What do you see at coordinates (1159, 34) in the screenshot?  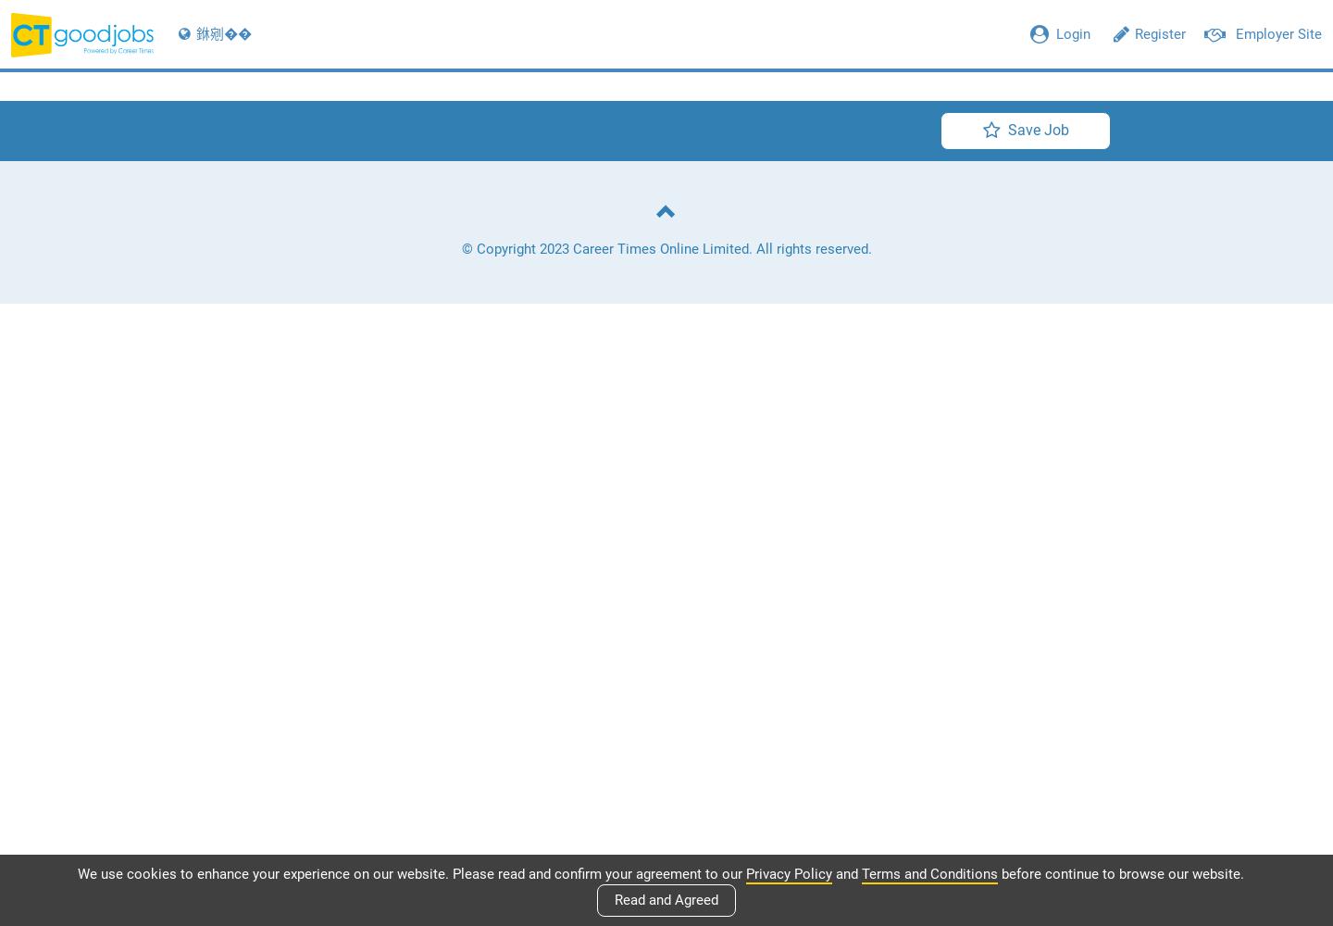 I see `'Register'` at bounding box center [1159, 34].